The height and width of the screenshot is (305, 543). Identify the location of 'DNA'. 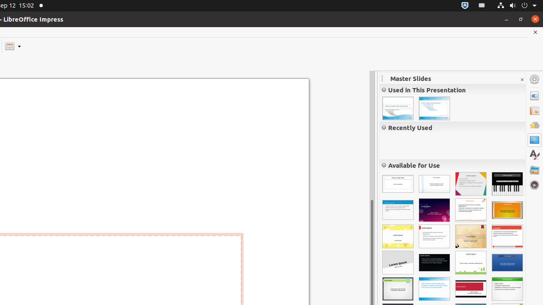
(434, 183).